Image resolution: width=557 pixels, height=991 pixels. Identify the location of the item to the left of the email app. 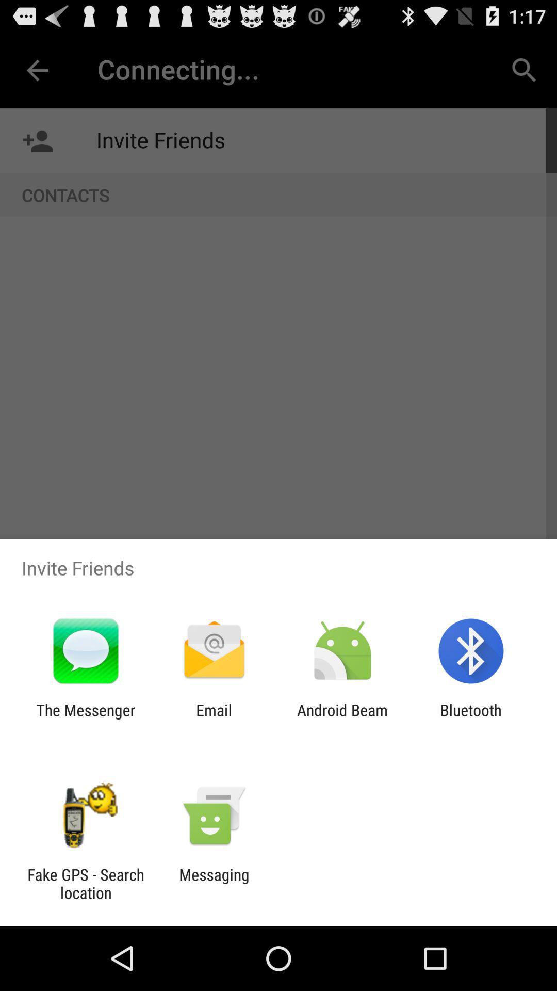
(85, 718).